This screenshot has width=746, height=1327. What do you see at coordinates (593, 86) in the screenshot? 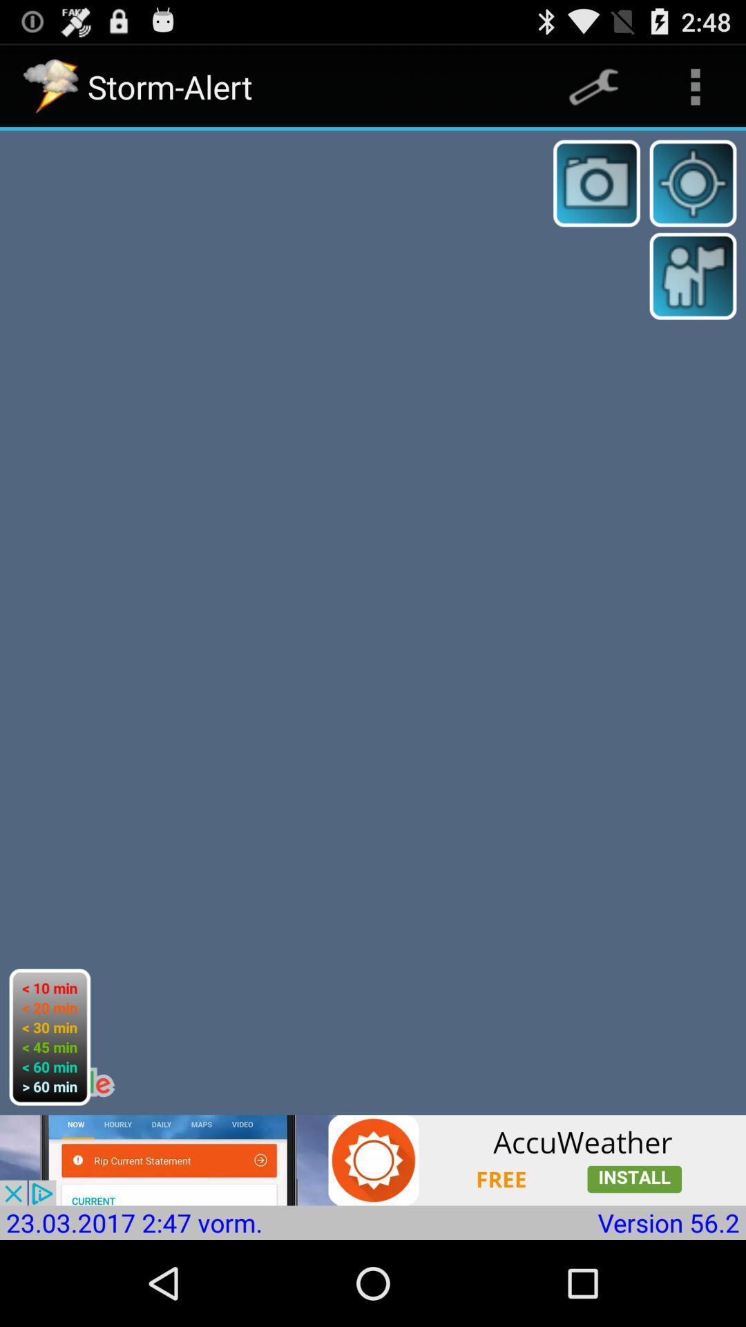
I see `the item to the right of storm-alert app` at bounding box center [593, 86].